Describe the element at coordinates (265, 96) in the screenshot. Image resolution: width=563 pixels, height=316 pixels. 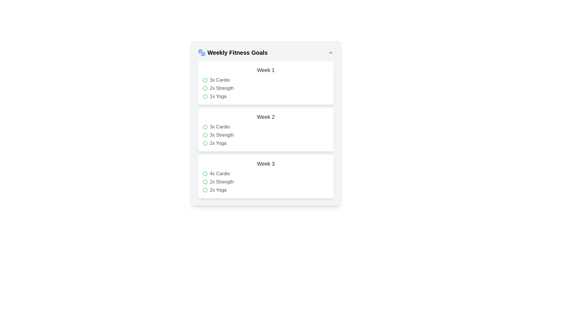
I see `the List Item with Icon and Text representing a yoga session within the week to view more details` at that location.